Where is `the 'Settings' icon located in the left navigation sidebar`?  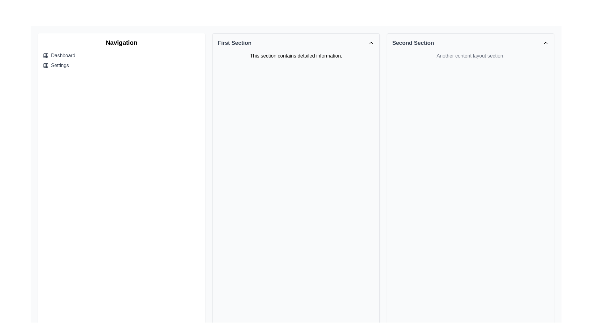 the 'Settings' icon located in the left navigation sidebar is located at coordinates (45, 66).